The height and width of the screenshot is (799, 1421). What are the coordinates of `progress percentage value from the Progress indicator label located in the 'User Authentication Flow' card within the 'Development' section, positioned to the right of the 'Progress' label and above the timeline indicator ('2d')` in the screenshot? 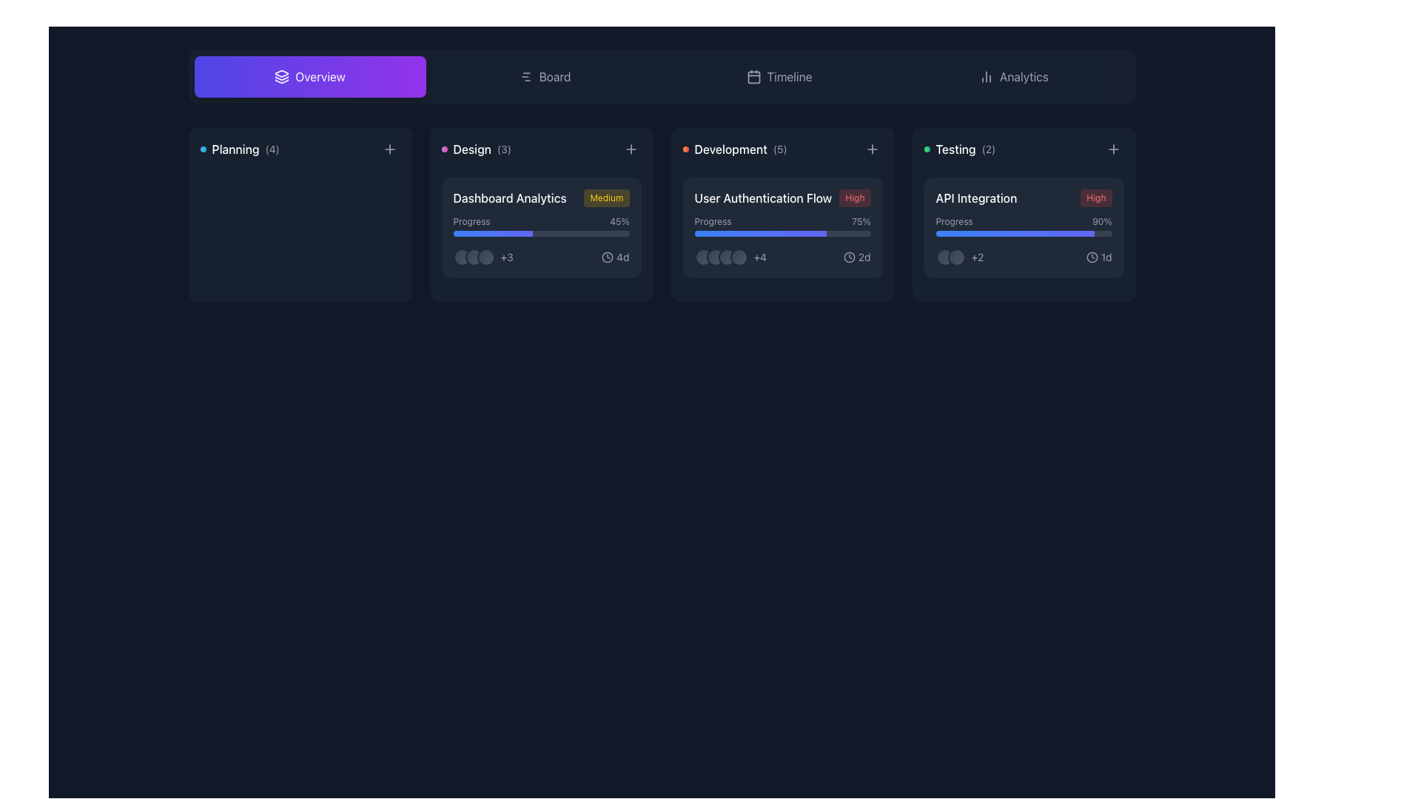 It's located at (861, 222).